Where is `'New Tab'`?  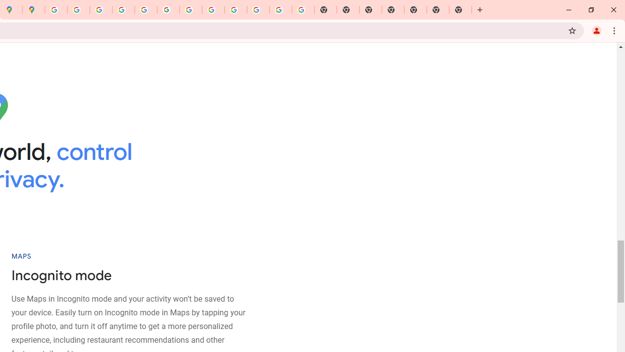
'New Tab' is located at coordinates (437, 10).